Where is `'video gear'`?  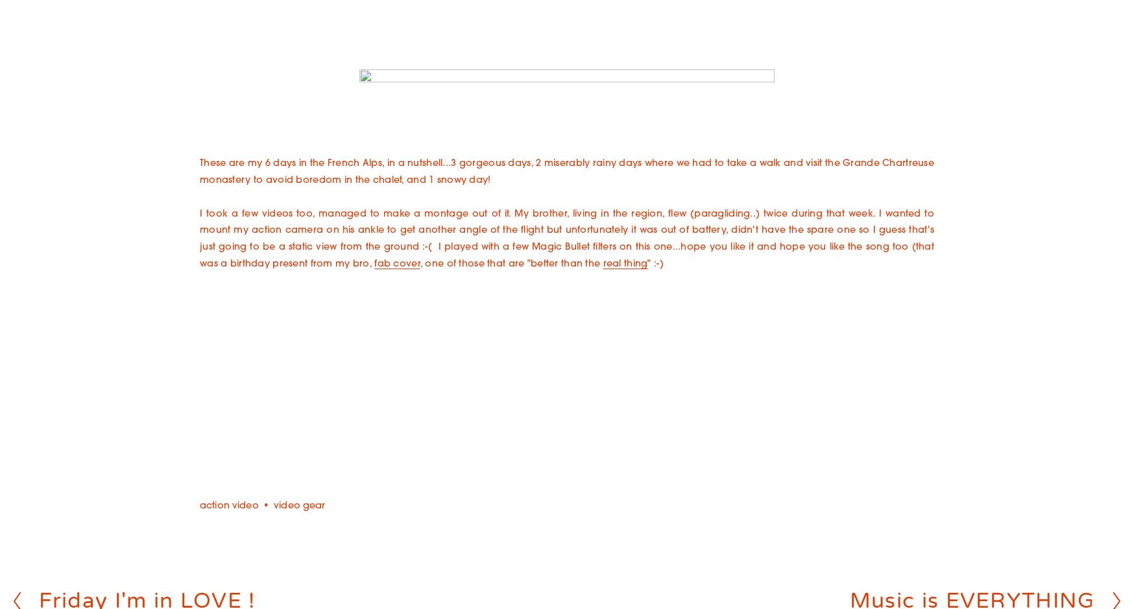
'video gear' is located at coordinates (298, 505).